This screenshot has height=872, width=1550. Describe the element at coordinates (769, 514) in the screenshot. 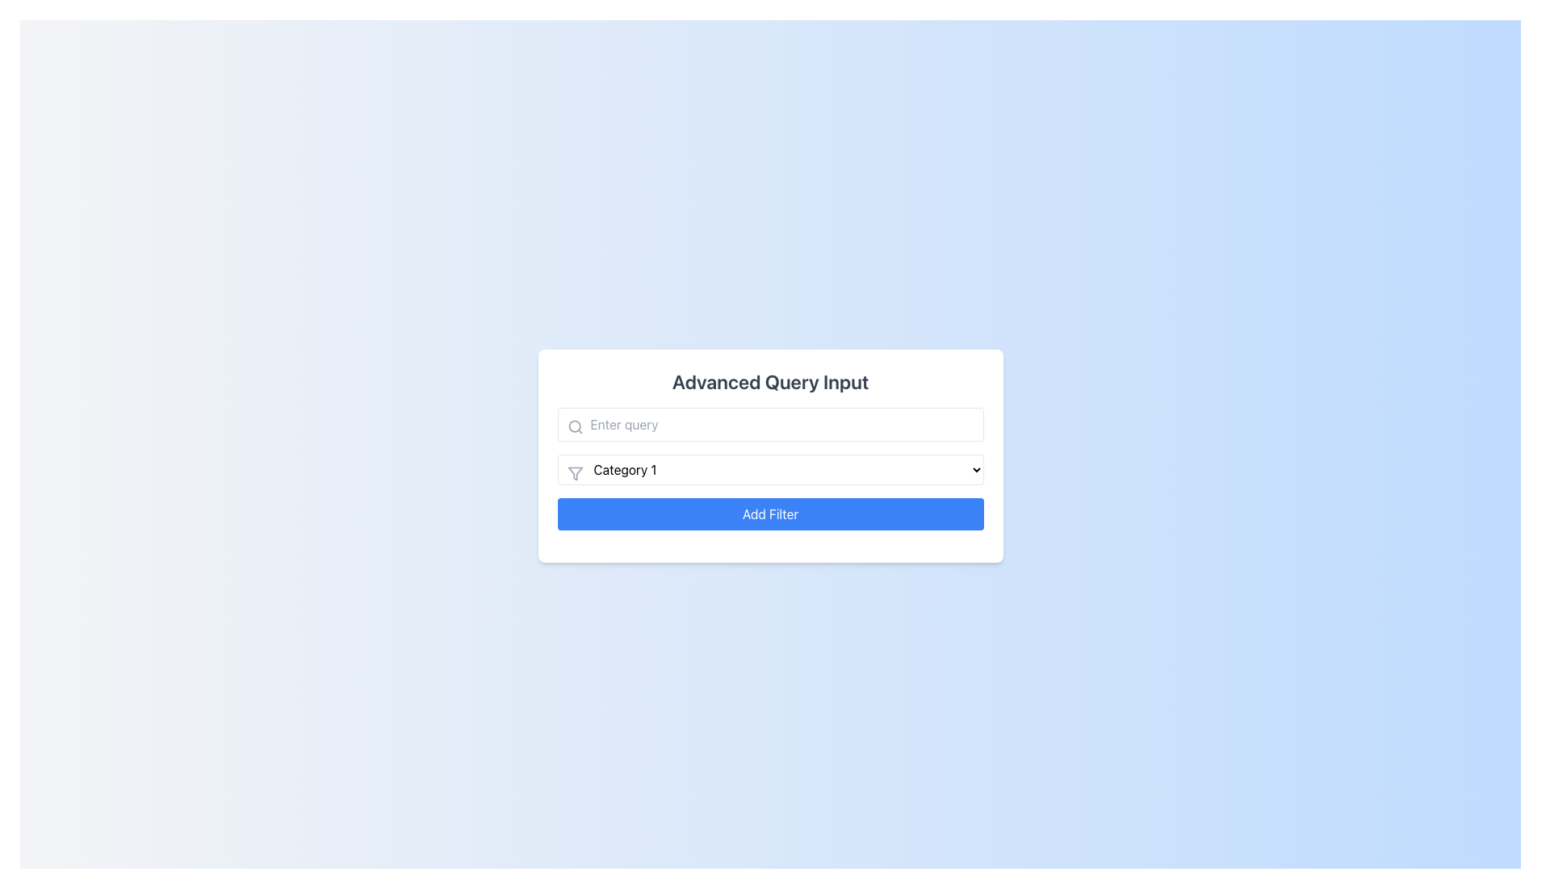

I see `the button located at the bottom of the 'Advanced Query Input' section` at that location.